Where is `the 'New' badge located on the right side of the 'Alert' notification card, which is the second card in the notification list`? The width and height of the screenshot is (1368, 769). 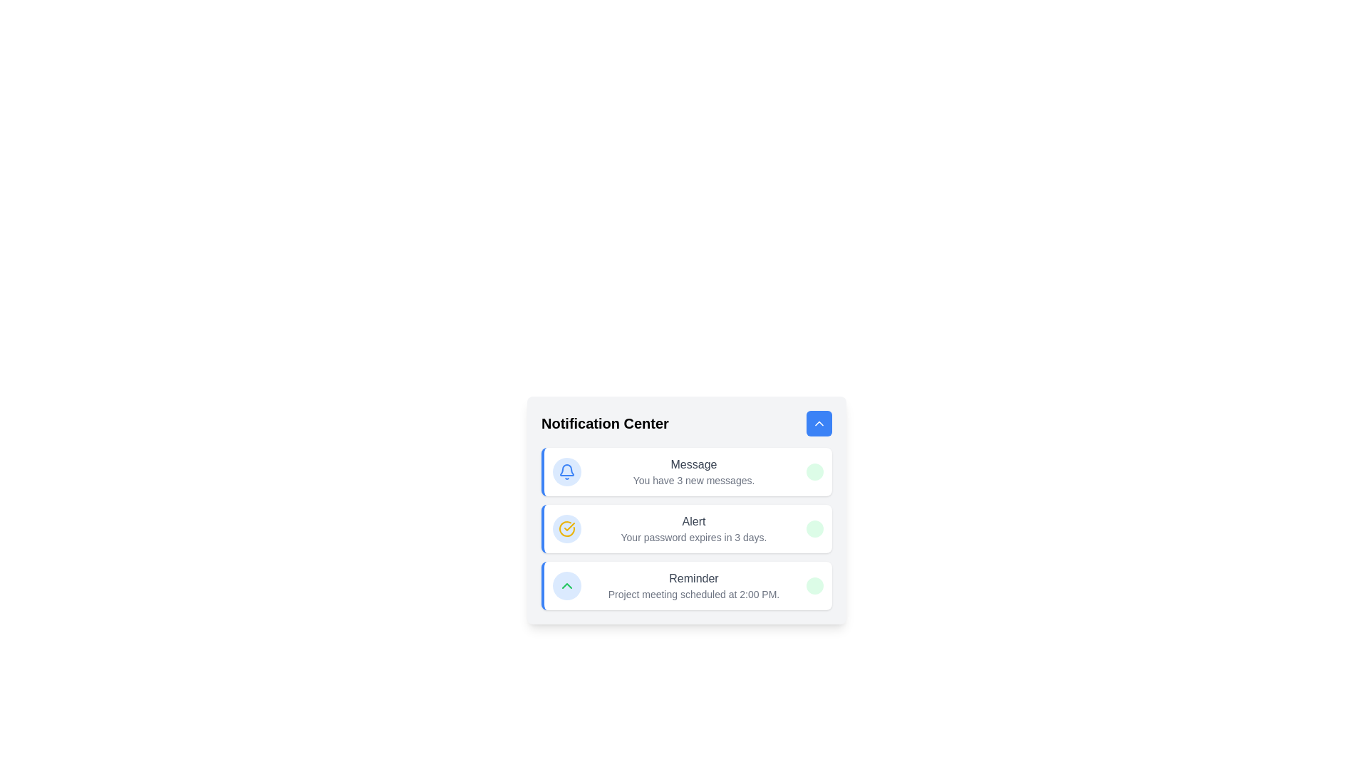 the 'New' badge located on the right side of the 'Alert' notification card, which is the second card in the notification list is located at coordinates (814, 529).